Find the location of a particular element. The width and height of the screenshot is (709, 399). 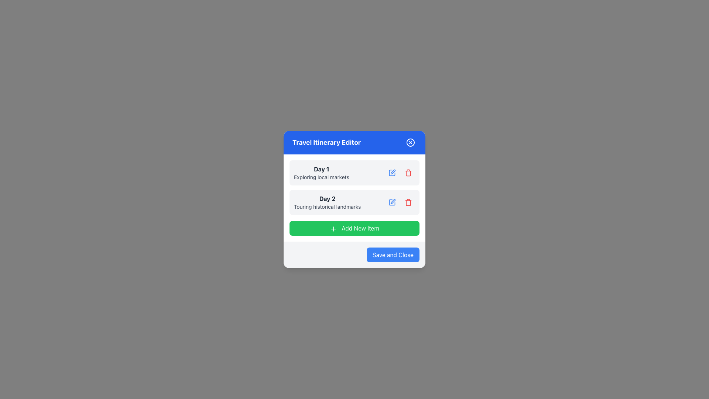

the first itinerary item in the Travel Itinerary Editor modal, which represents an event or schedule for a specific day is located at coordinates (354, 173).